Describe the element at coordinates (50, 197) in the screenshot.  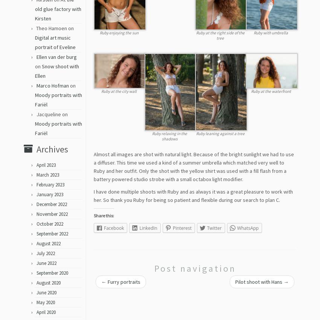
I see `'January 2023'` at that location.